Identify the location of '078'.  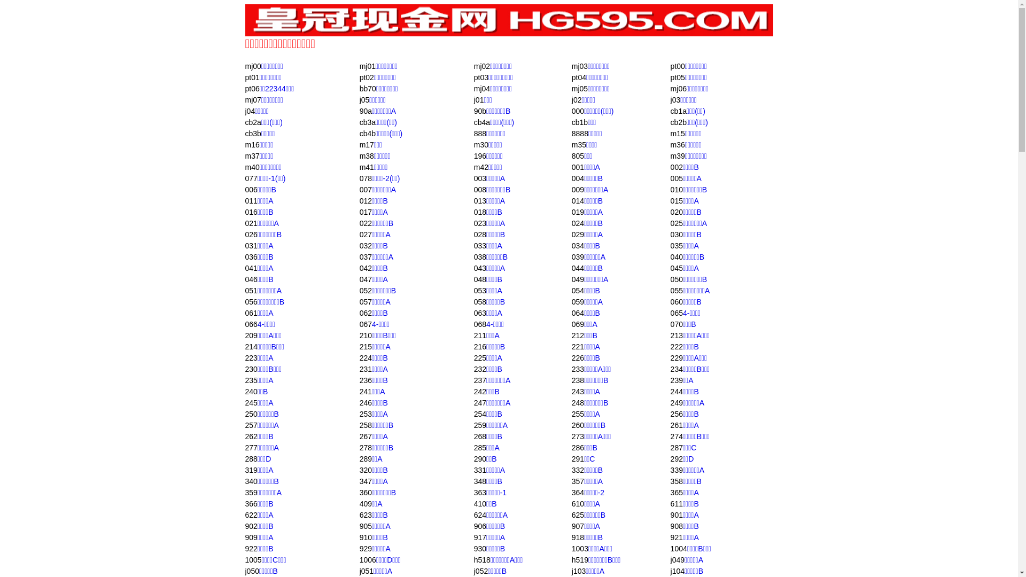
(366, 178).